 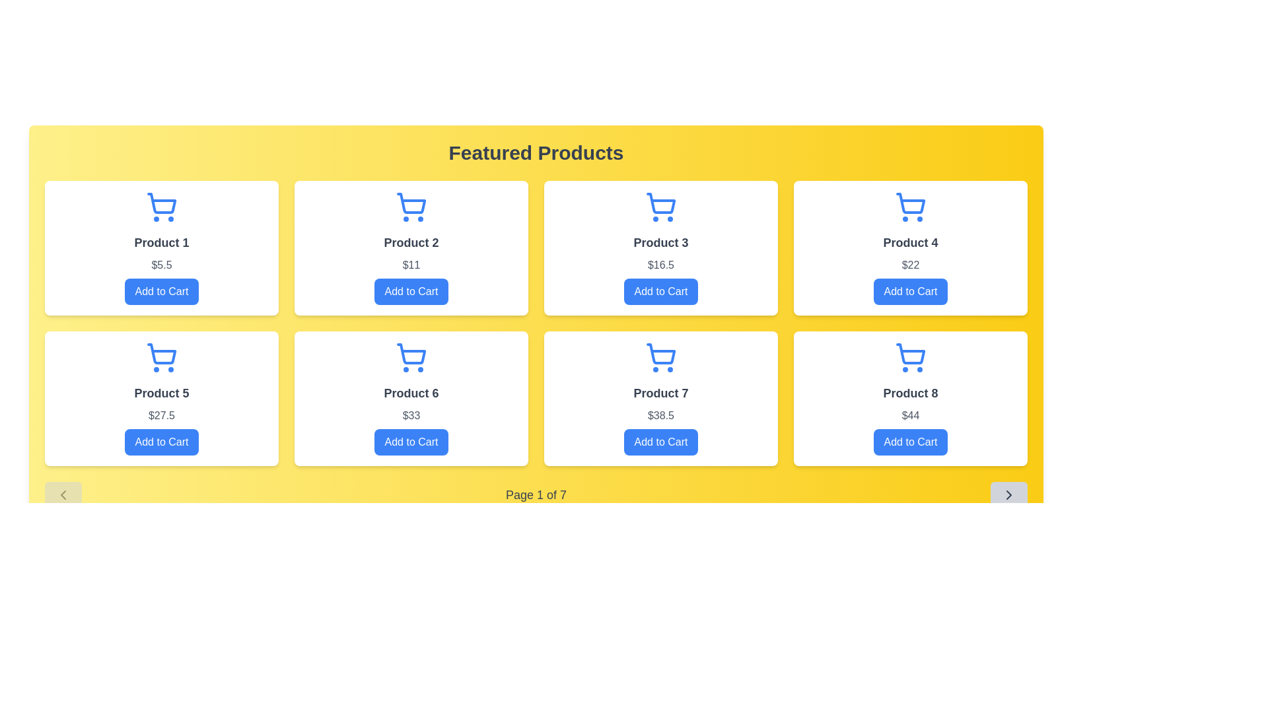 What do you see at coordinates (909, 265) in the screenshot?
I see `the price text label displaying '$22', which is located in the product card for 'Product 4', centered below the title and above the 'Add to Cart' button` at bounding box center [909, 265].